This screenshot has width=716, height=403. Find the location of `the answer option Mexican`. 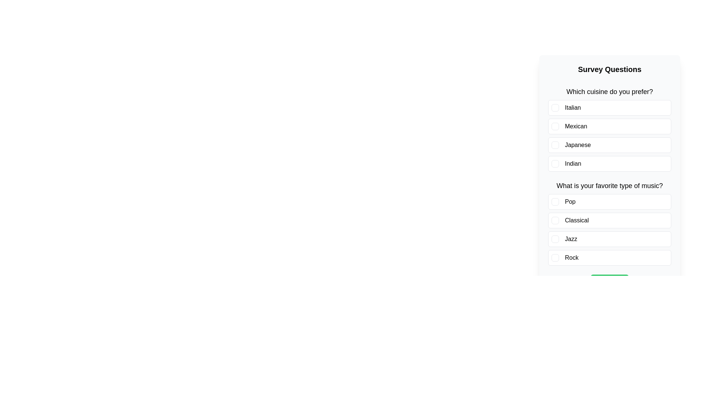

the answer option Mexican is located at coordinates (610, 126).